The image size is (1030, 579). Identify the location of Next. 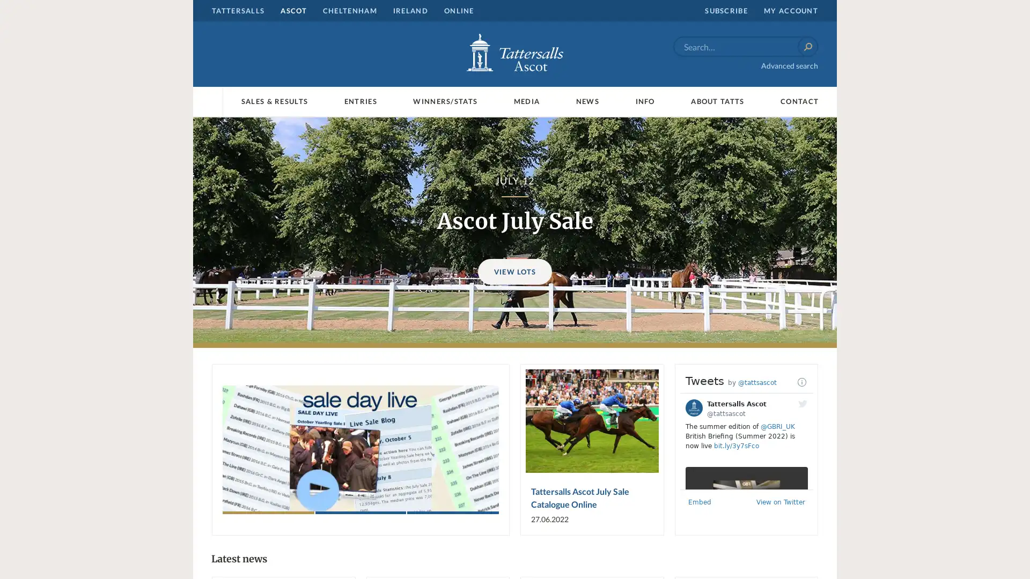
(808, 232).